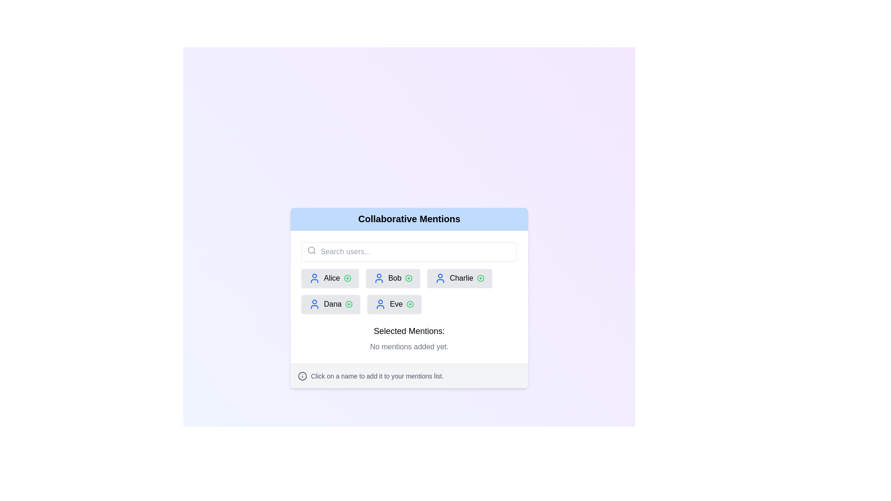 Image resolution: width=891 pixels, height=501 pixels. What do you see at coordinates (349, 304) in the screenshot?
I see `the circular addition icon located in the 'Dana' group within the 'Collaborative Mentions' dialog box` at bounding box center [349, 304].